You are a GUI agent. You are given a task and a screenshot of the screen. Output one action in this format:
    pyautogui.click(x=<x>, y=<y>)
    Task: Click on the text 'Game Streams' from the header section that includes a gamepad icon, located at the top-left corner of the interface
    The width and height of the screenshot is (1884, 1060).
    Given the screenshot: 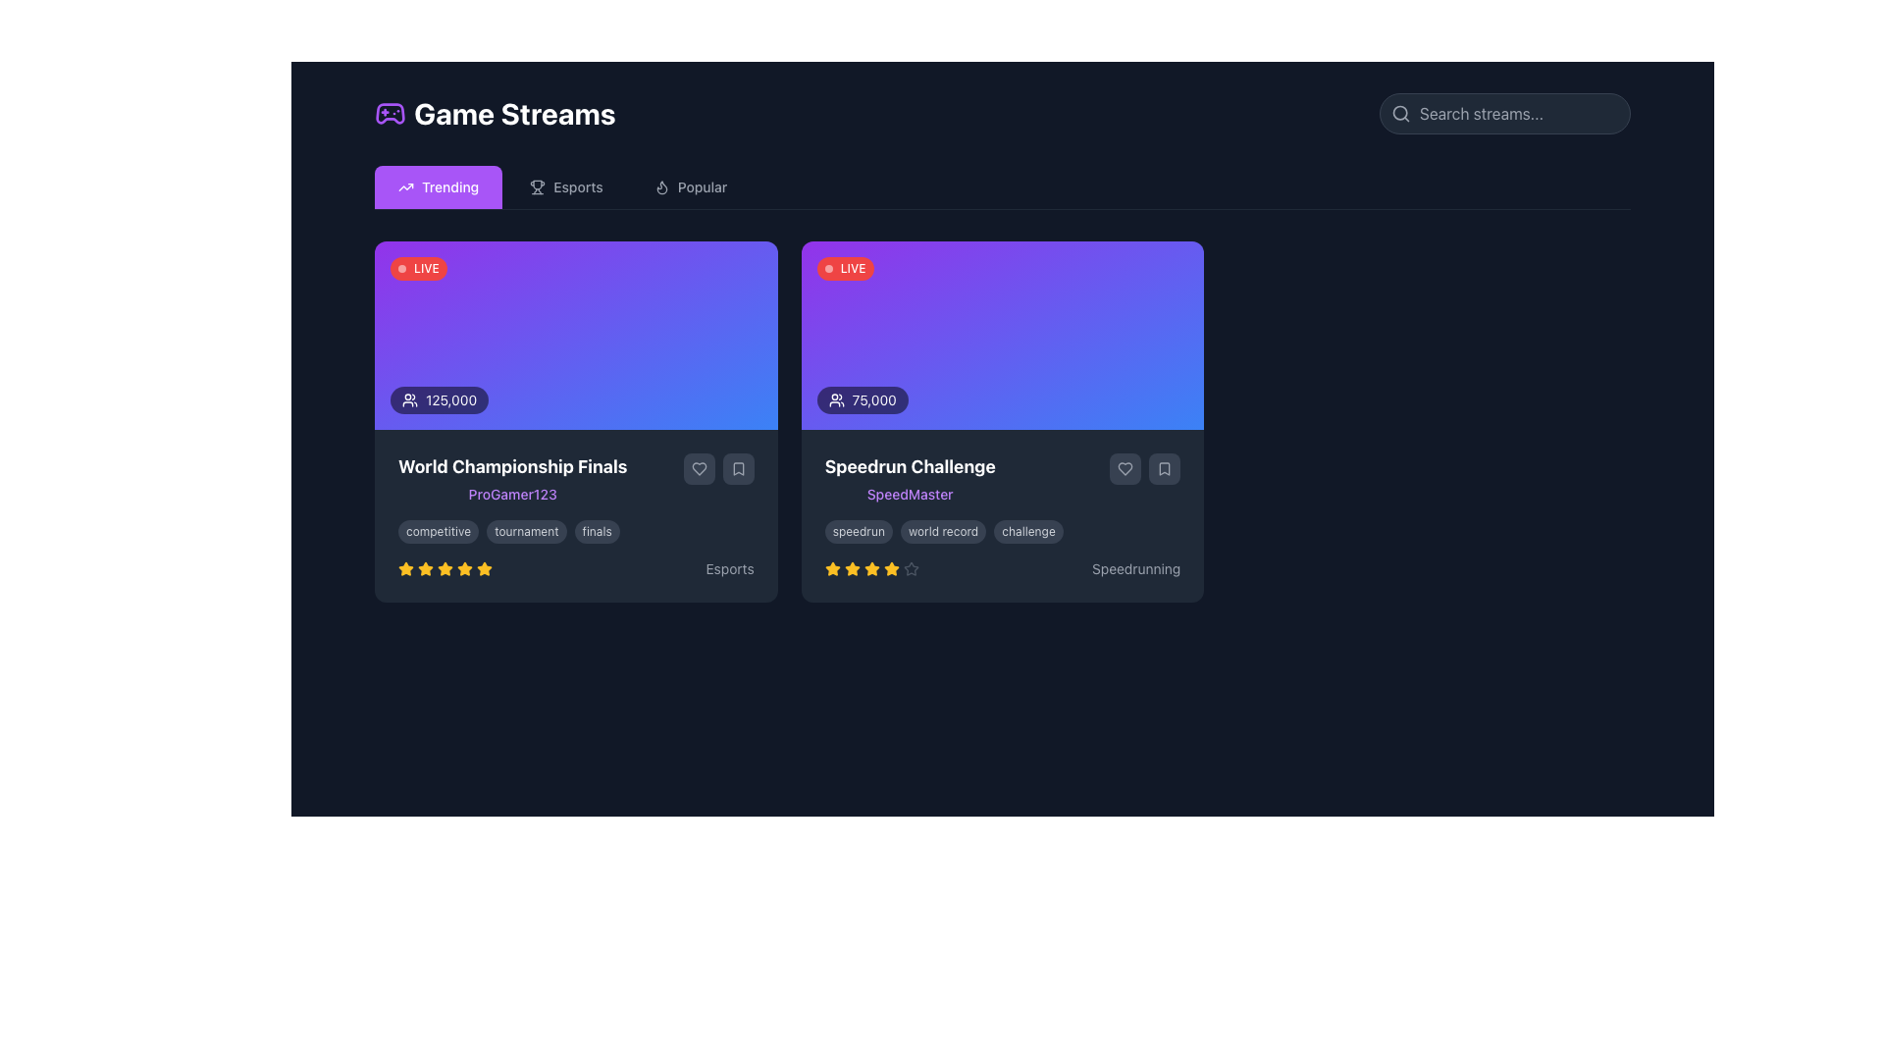 What is the action you would take?
    pyautogui.click(x=495, y=113)
    